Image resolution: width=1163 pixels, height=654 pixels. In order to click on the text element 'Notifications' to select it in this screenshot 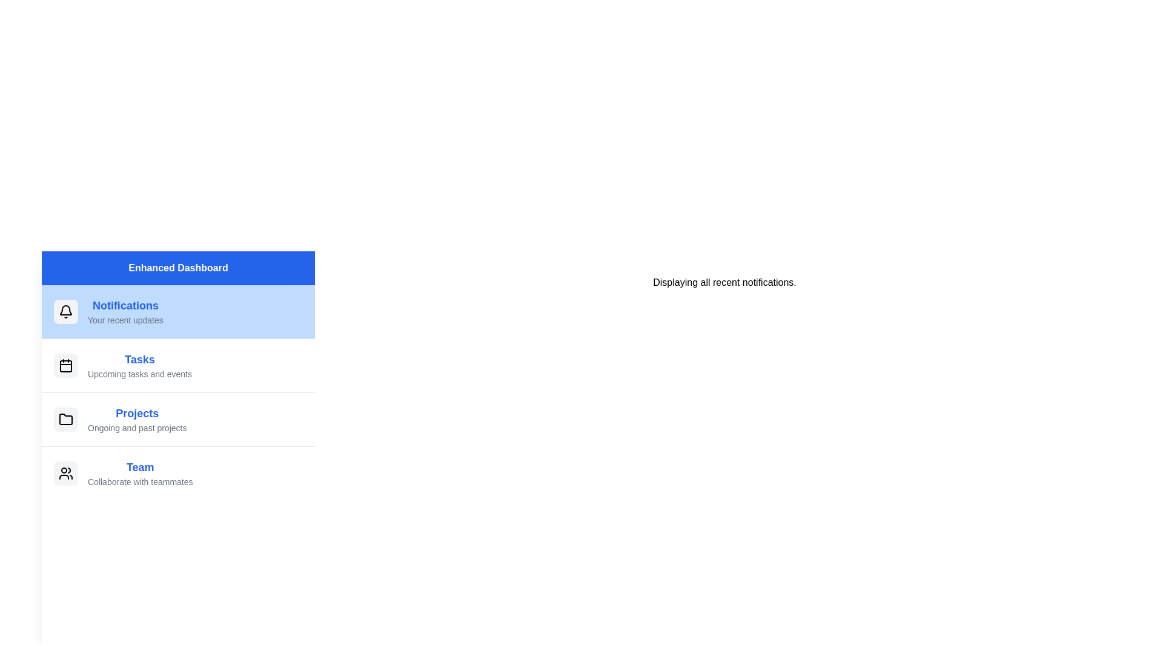, I will do `click(125, 305)`.